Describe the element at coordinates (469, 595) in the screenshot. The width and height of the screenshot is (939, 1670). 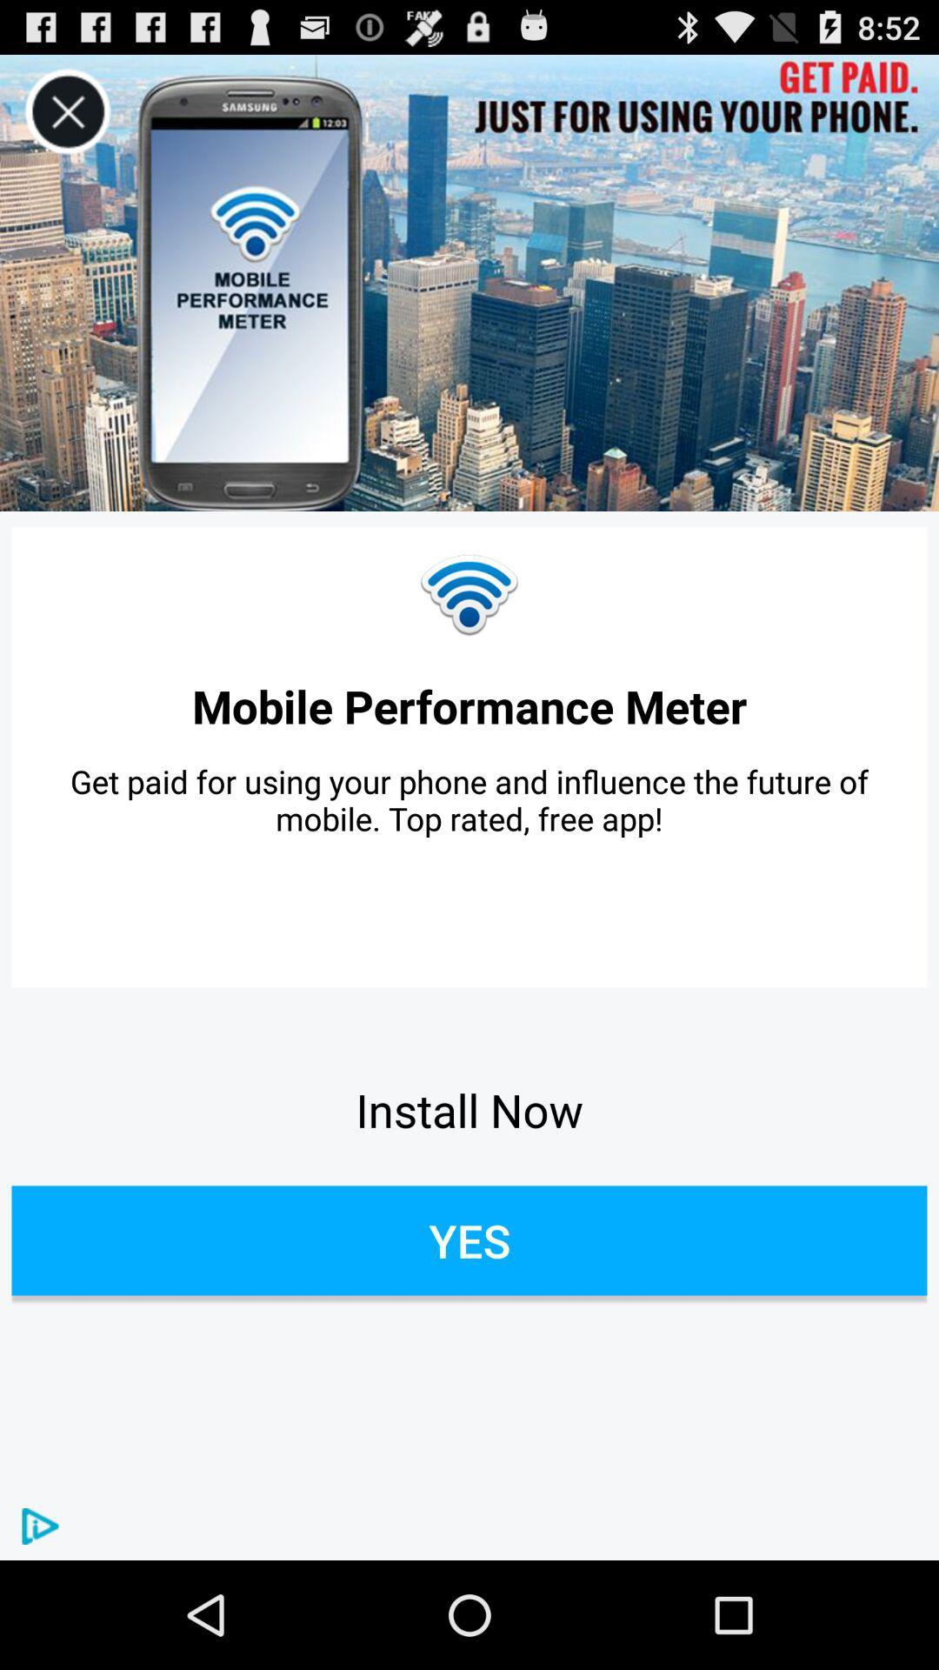
I see `item above the mobile performance meter app` at that location.